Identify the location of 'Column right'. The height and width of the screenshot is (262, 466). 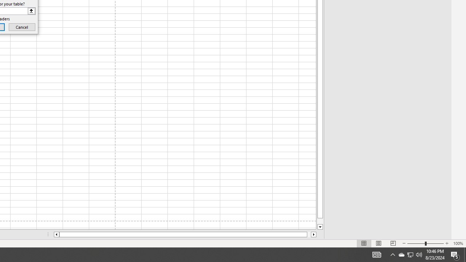
(314, 234).